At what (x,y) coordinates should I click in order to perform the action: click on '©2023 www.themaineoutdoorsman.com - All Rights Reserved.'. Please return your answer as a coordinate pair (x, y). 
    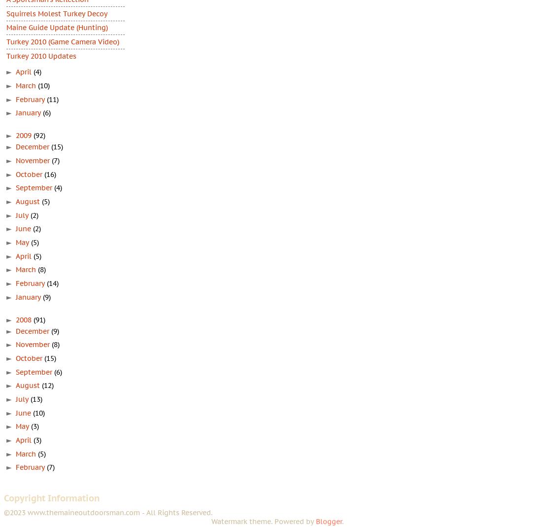
    Looking at the image, I should click on (108, 512).